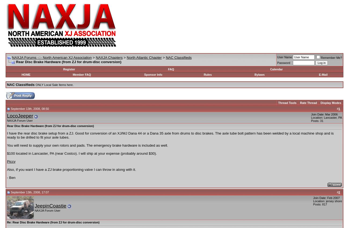 This screenshot has height=228, width=349. Describe the element at coordinates (317, 121) in the screenshot. I see `'Posts: 31'` at that location.